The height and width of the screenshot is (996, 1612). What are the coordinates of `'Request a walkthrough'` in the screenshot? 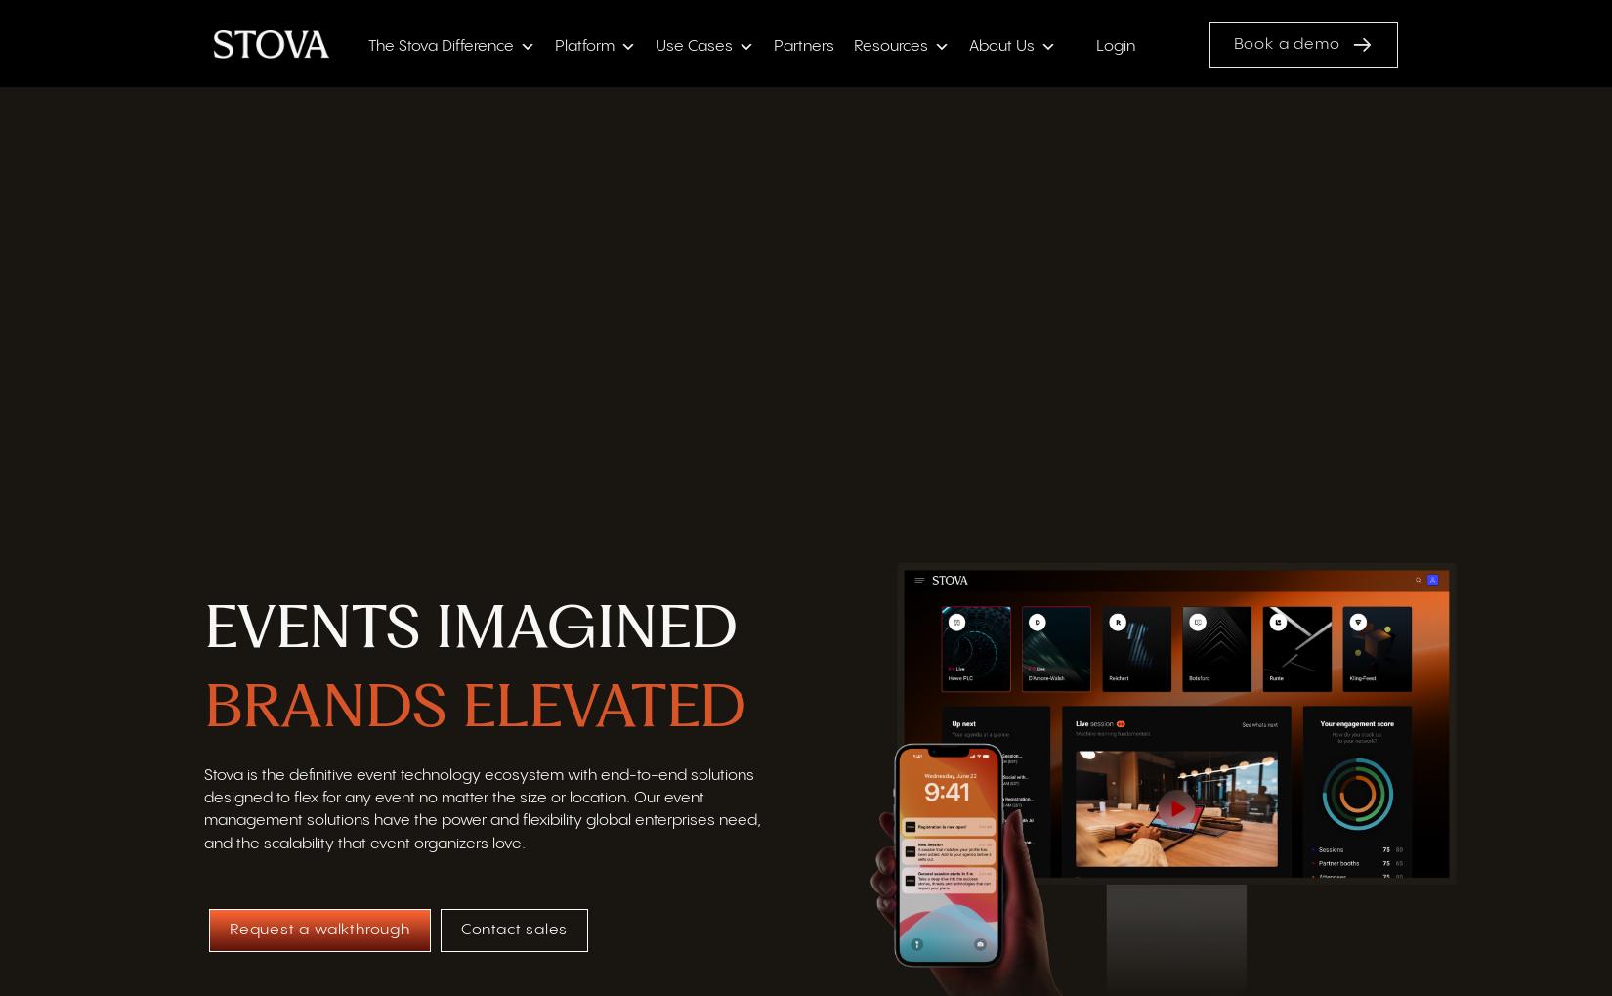 It's located at (319, 931).